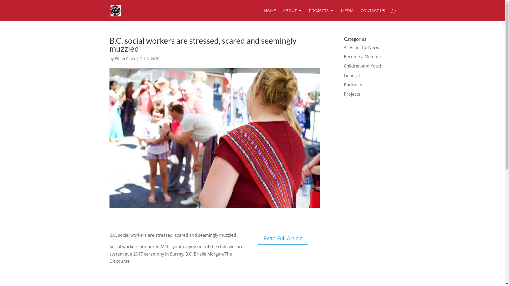 The image size is (509, 286). What do you see at coordinates (270, 15) in the screenshot?
I see `'HOME'` at bounding box center [270, 15].